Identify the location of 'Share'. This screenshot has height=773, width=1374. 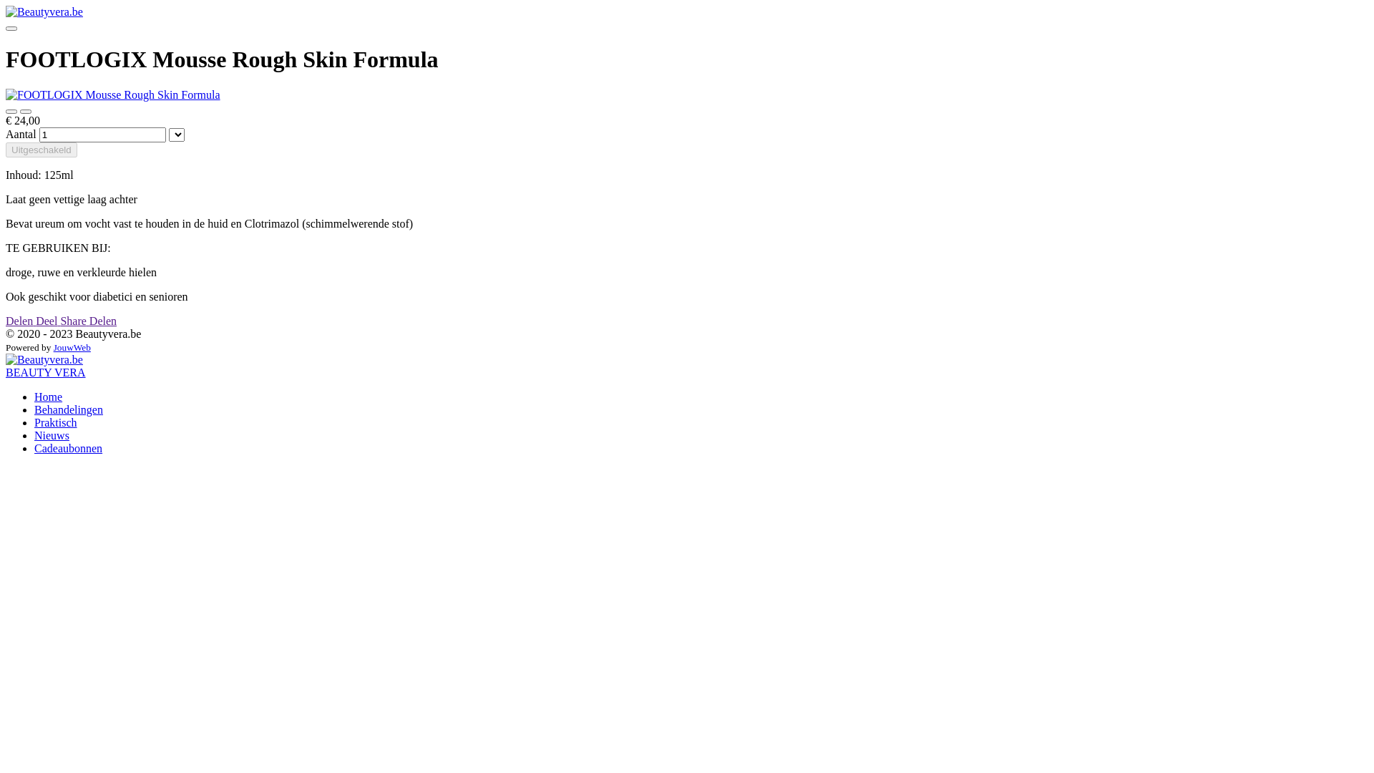
(59, 320).